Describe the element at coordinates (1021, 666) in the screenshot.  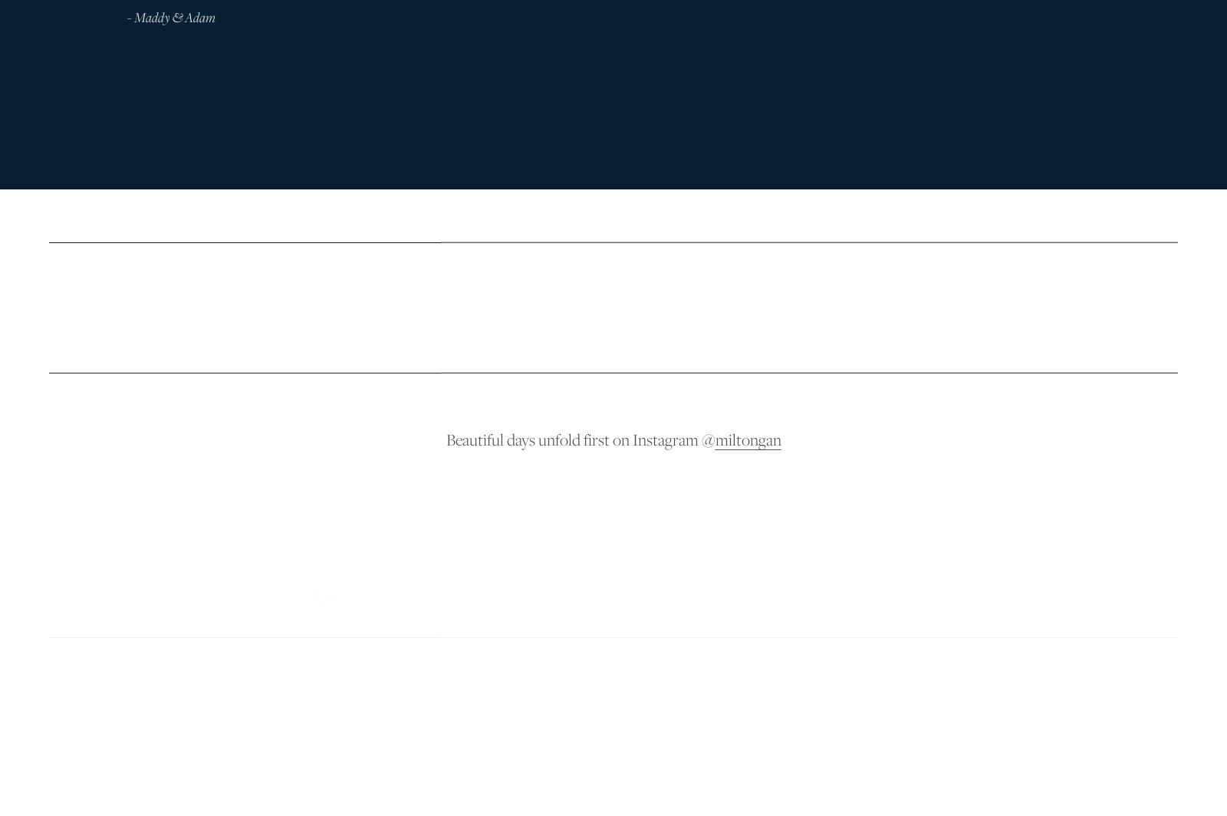
I see `'Contact'` at that location.